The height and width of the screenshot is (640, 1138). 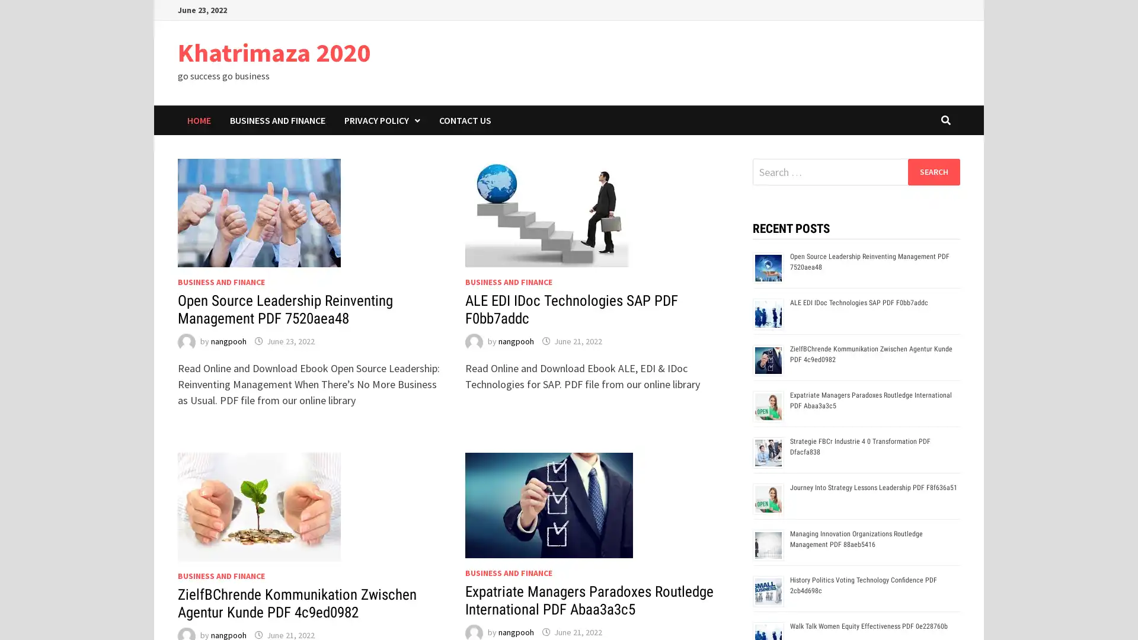 What do you see at coordinates (933, 171) in the screenshot?
I see `Search` at bounding box center [933, 171].